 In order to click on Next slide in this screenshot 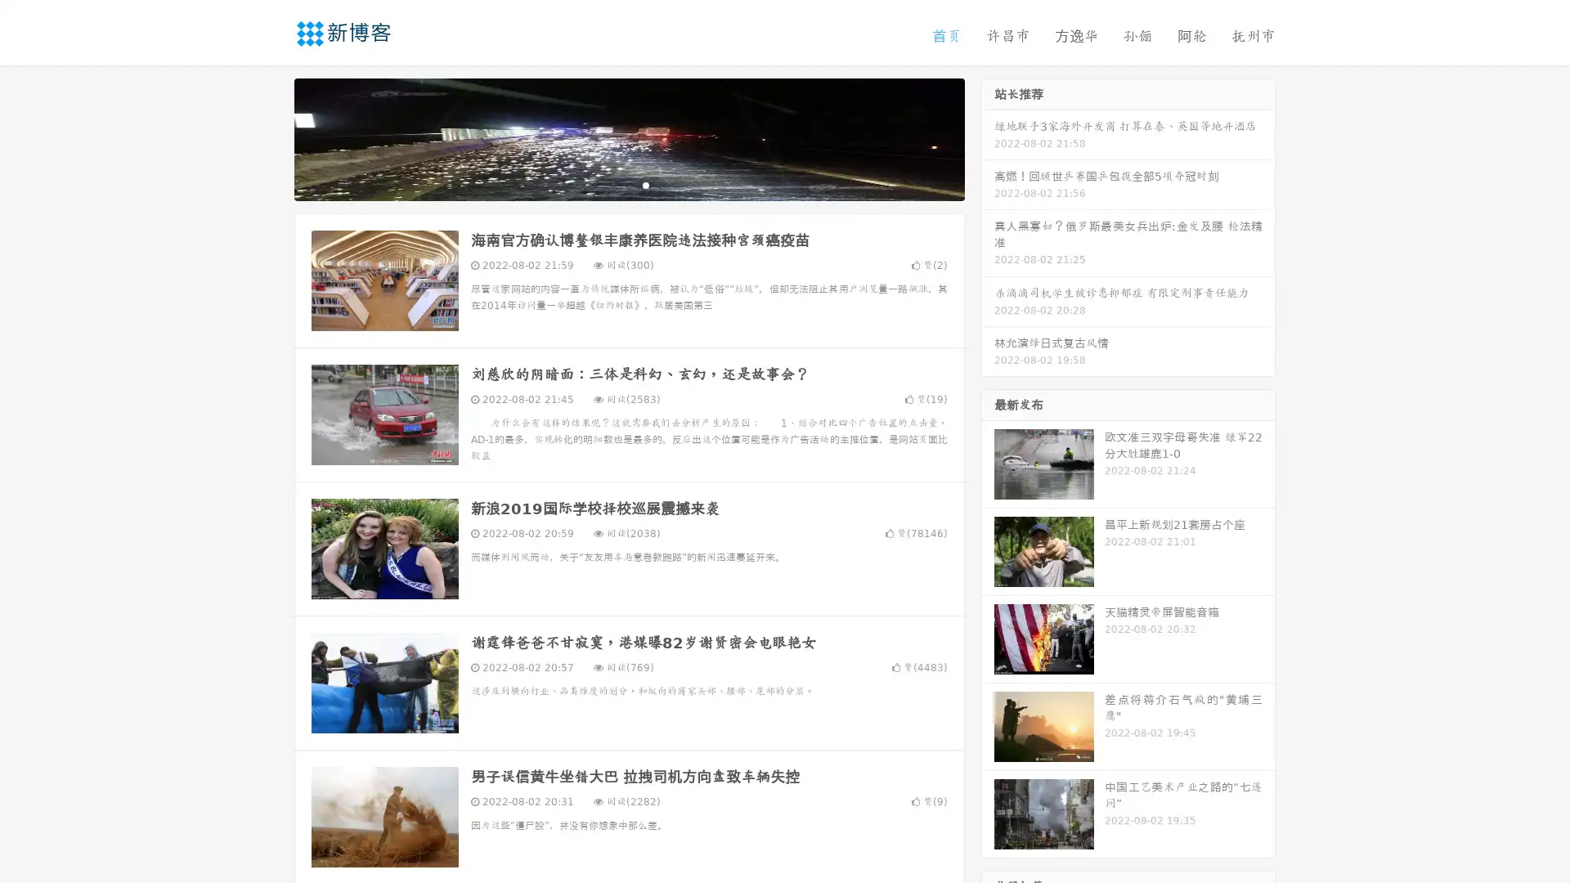, I will do `click(988, 137)`.